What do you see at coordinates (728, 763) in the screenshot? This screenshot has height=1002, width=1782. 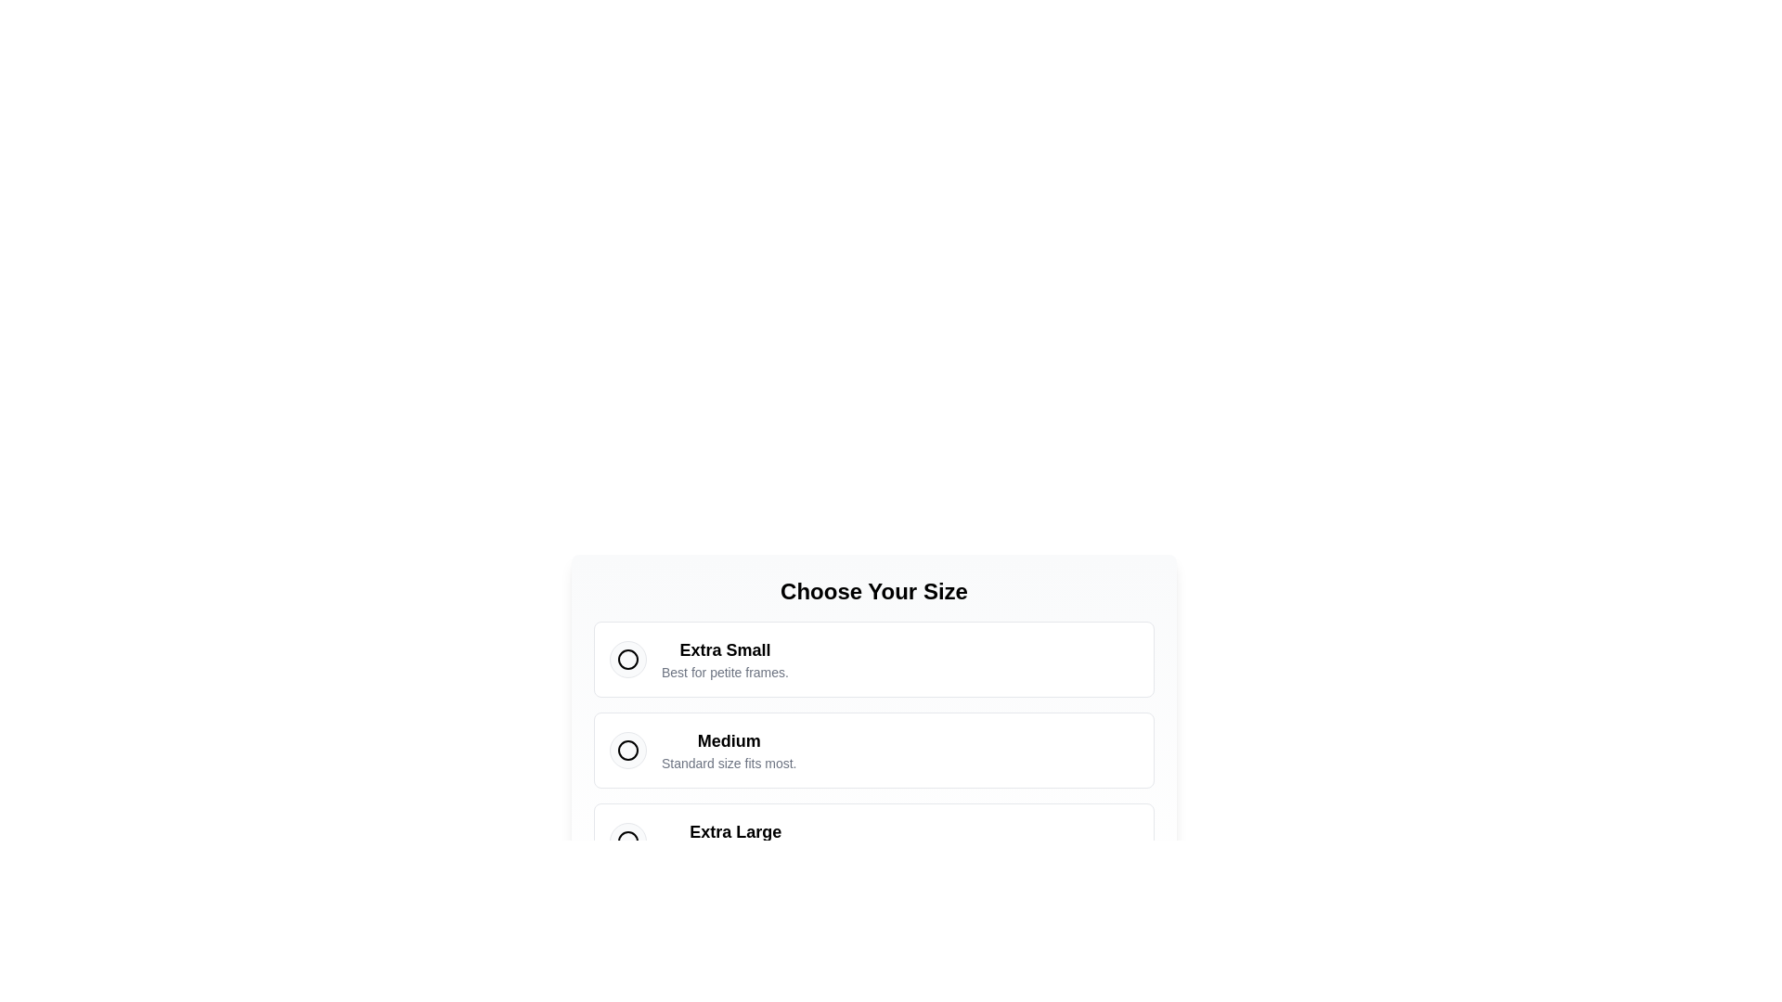 I see `the static text that provides descriptive information about the 'Medium' size selection, located directly below the bolded 'Medium' label` at bounding box center [728, 763].